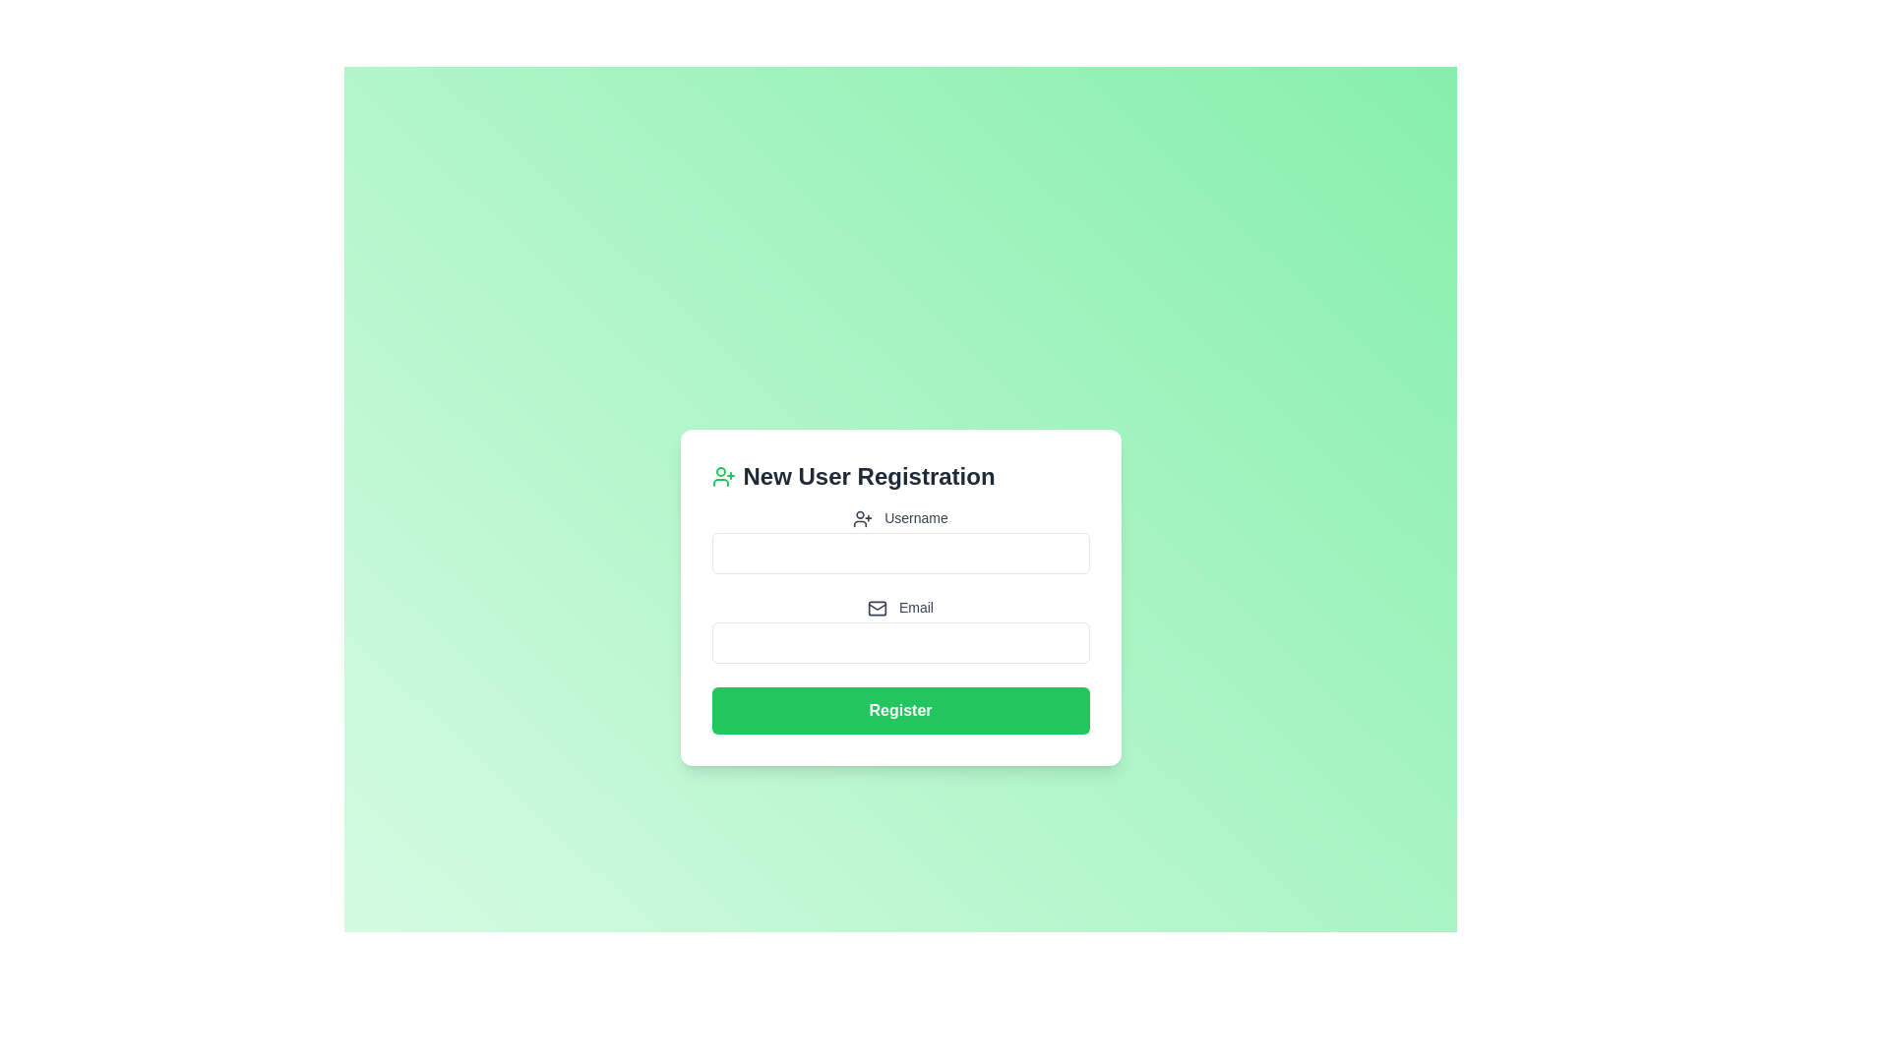 Image resolution: width=1889 pixels, height=1062 pixels. What do you see at coordinates (899, 643) in the screenshot?
I see `the email input field in the registration form using tab navigation to highlight it` at bounding box center [899, 643].